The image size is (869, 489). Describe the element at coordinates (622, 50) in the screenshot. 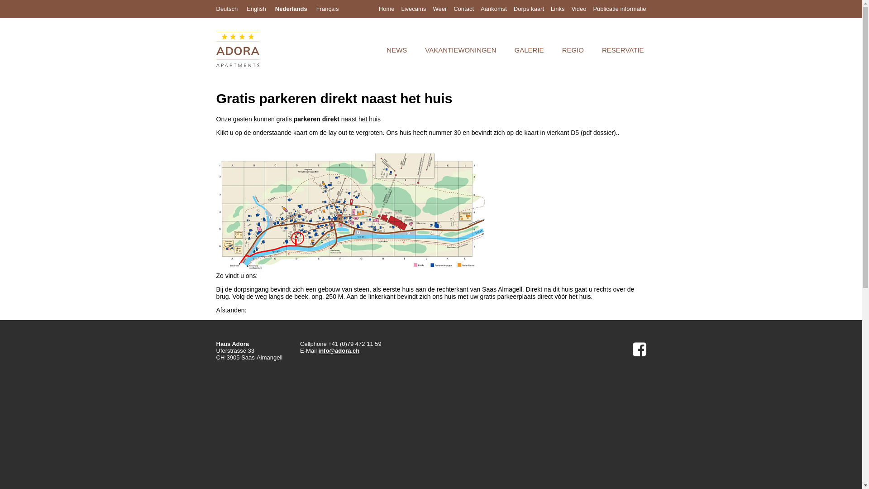

I see `'RESERVATIE'` at that location.